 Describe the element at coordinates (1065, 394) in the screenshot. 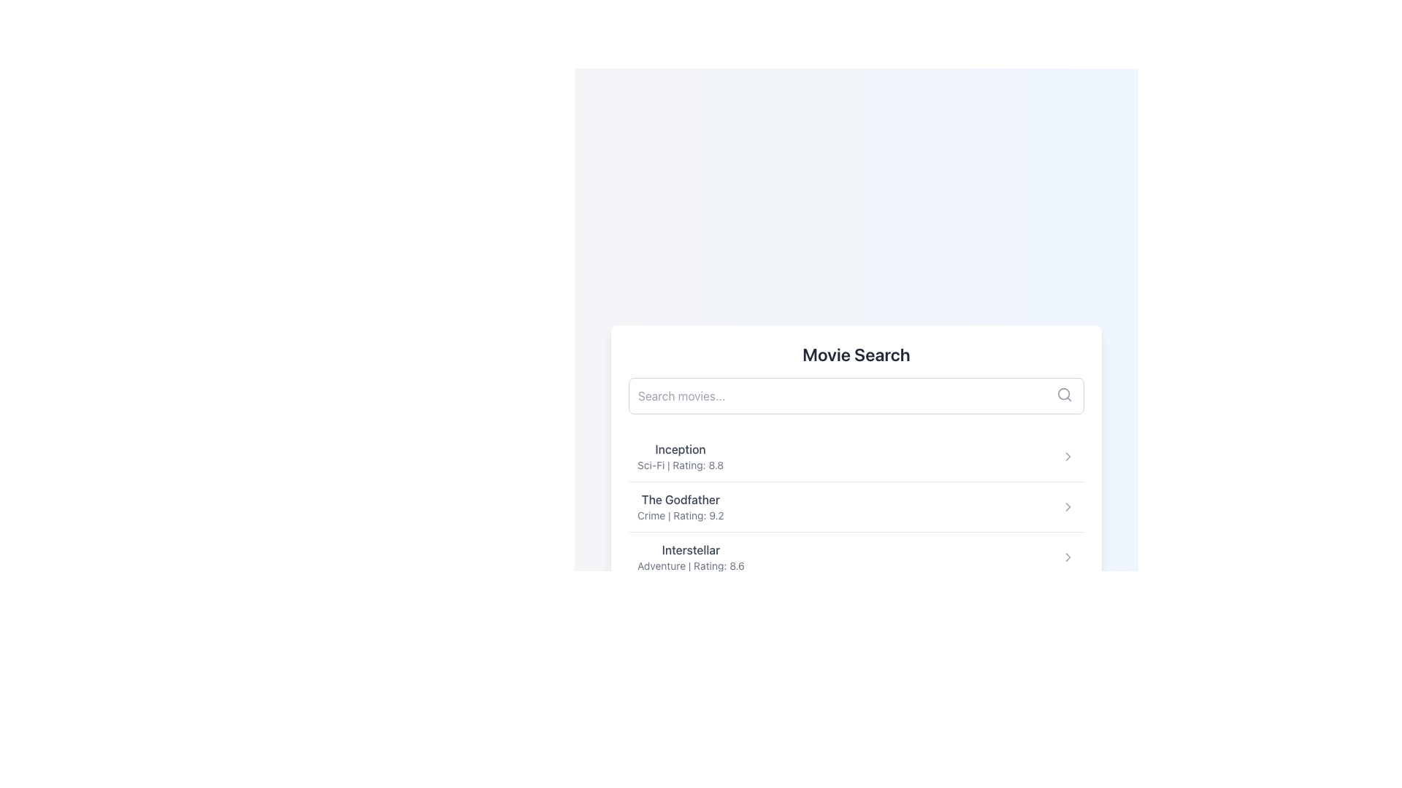

I see `the small light gray magnifying glass icon located at the end of the 'Search movies...' input field to initiate a search` at that location.